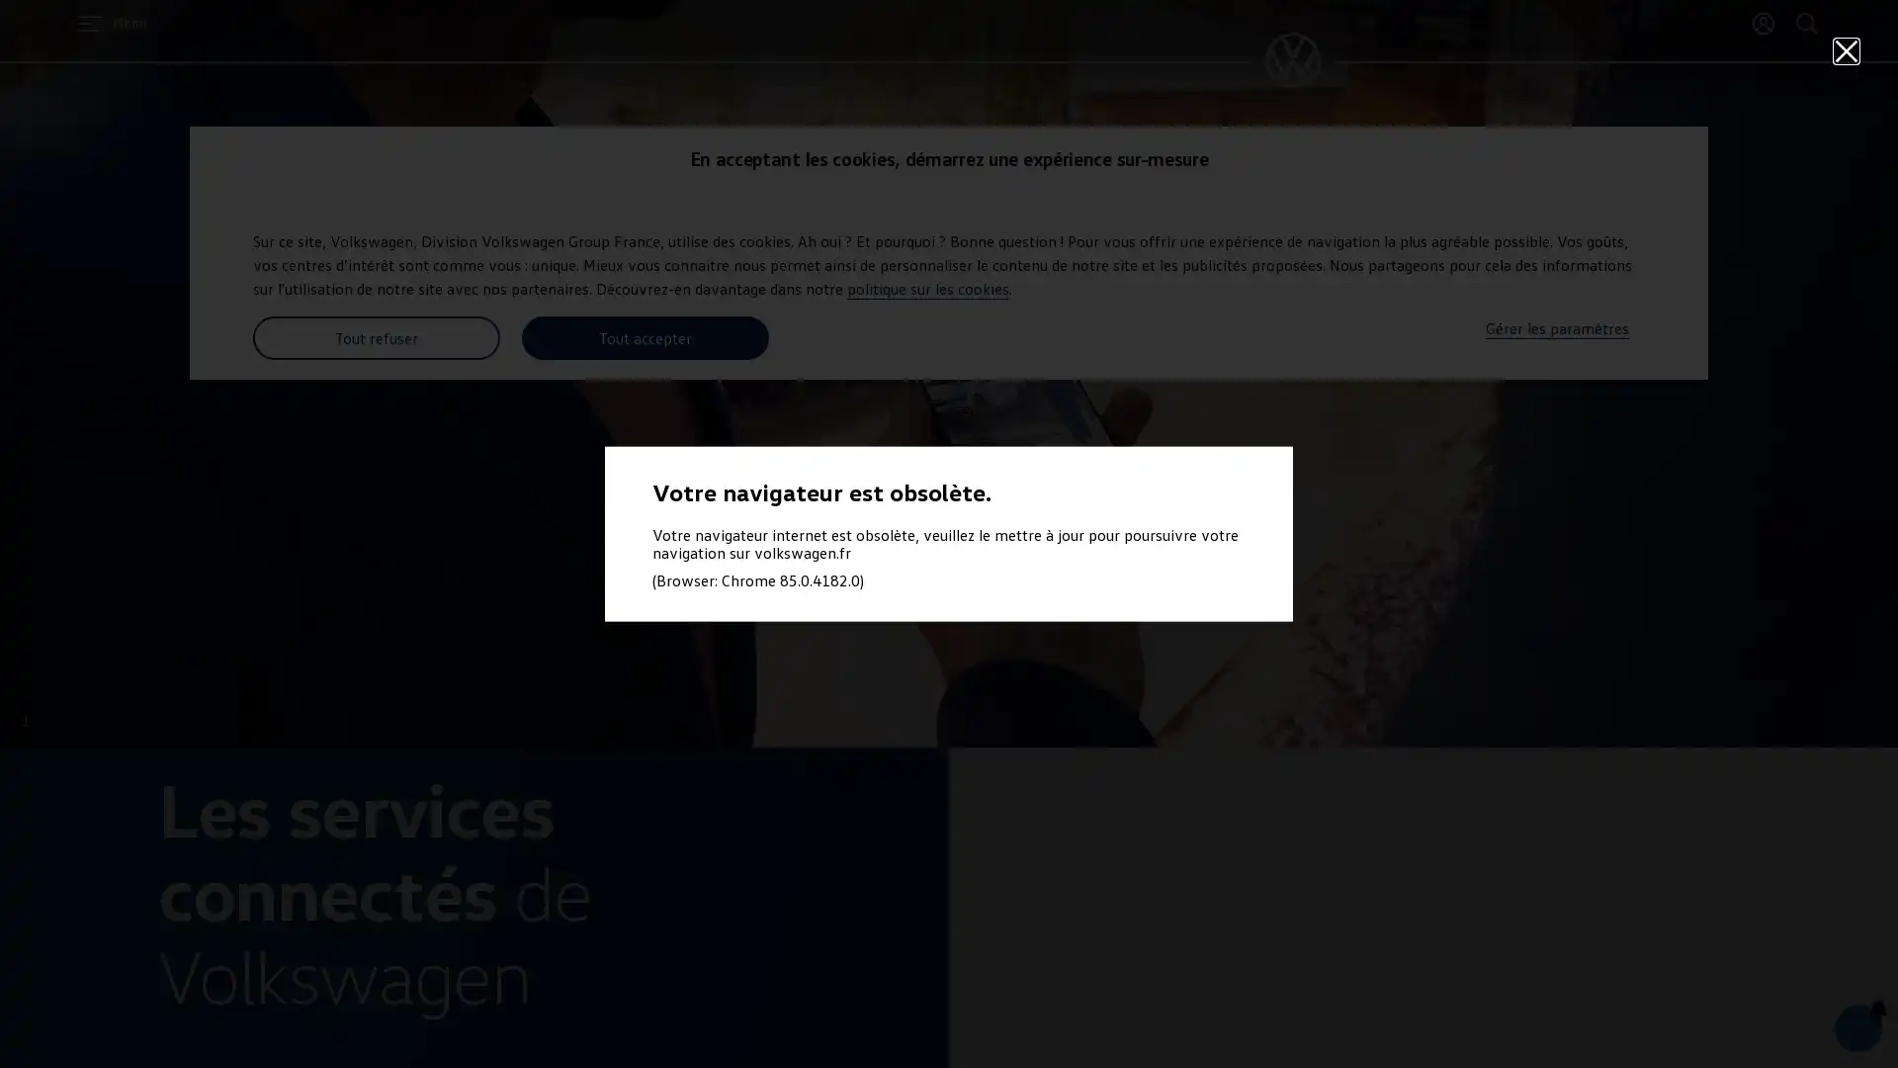 The width and height of the screenshot is (1898, 1068). Describe the element at coordinates (1796, 1015) in the screenshot. I see `Mettre fin au chat` at that location.